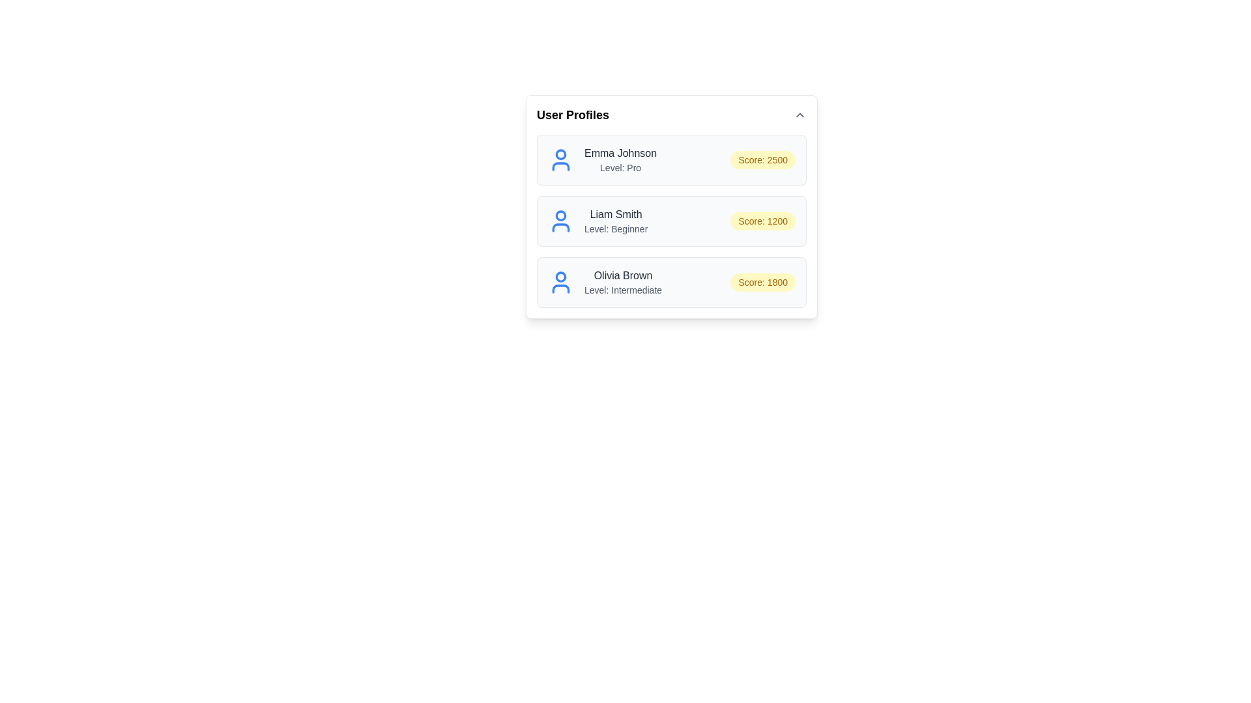  Describe the element at coordinates (560, 220) in the screenshot. I see `the user profile icon for 'Liam Smith' located in the second profile card of the 'User Profiles' section, which is a vector icon resembling a person profile outlined in bold blue color` at that location.